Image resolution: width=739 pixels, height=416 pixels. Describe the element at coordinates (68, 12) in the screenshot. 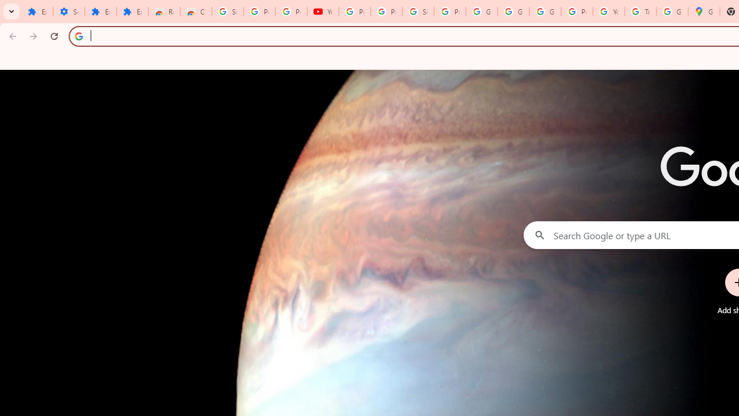

I see `'Settings'` at that location.